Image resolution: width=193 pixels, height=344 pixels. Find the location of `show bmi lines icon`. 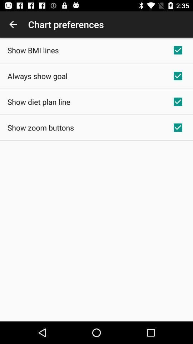

show bmi lines icon is located at coordinates (33, 50).